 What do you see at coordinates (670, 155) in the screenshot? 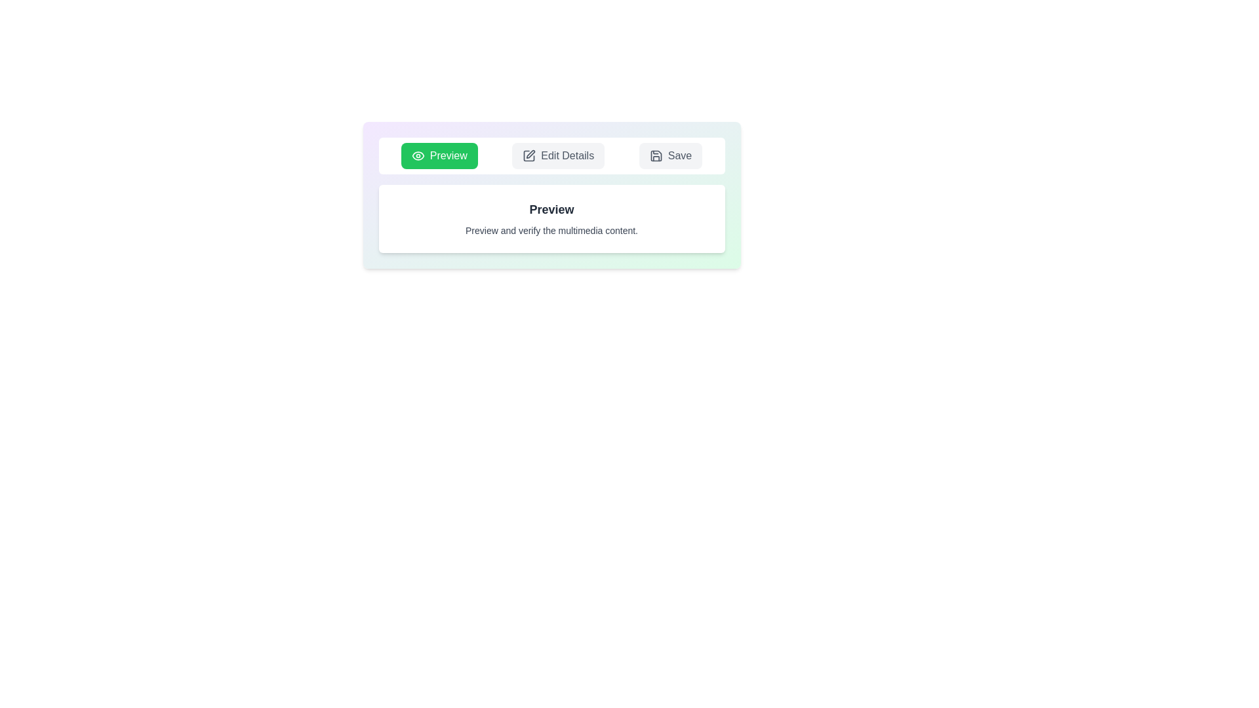
I see `the tab corresponding to Save` at bounding box center [670, 155].